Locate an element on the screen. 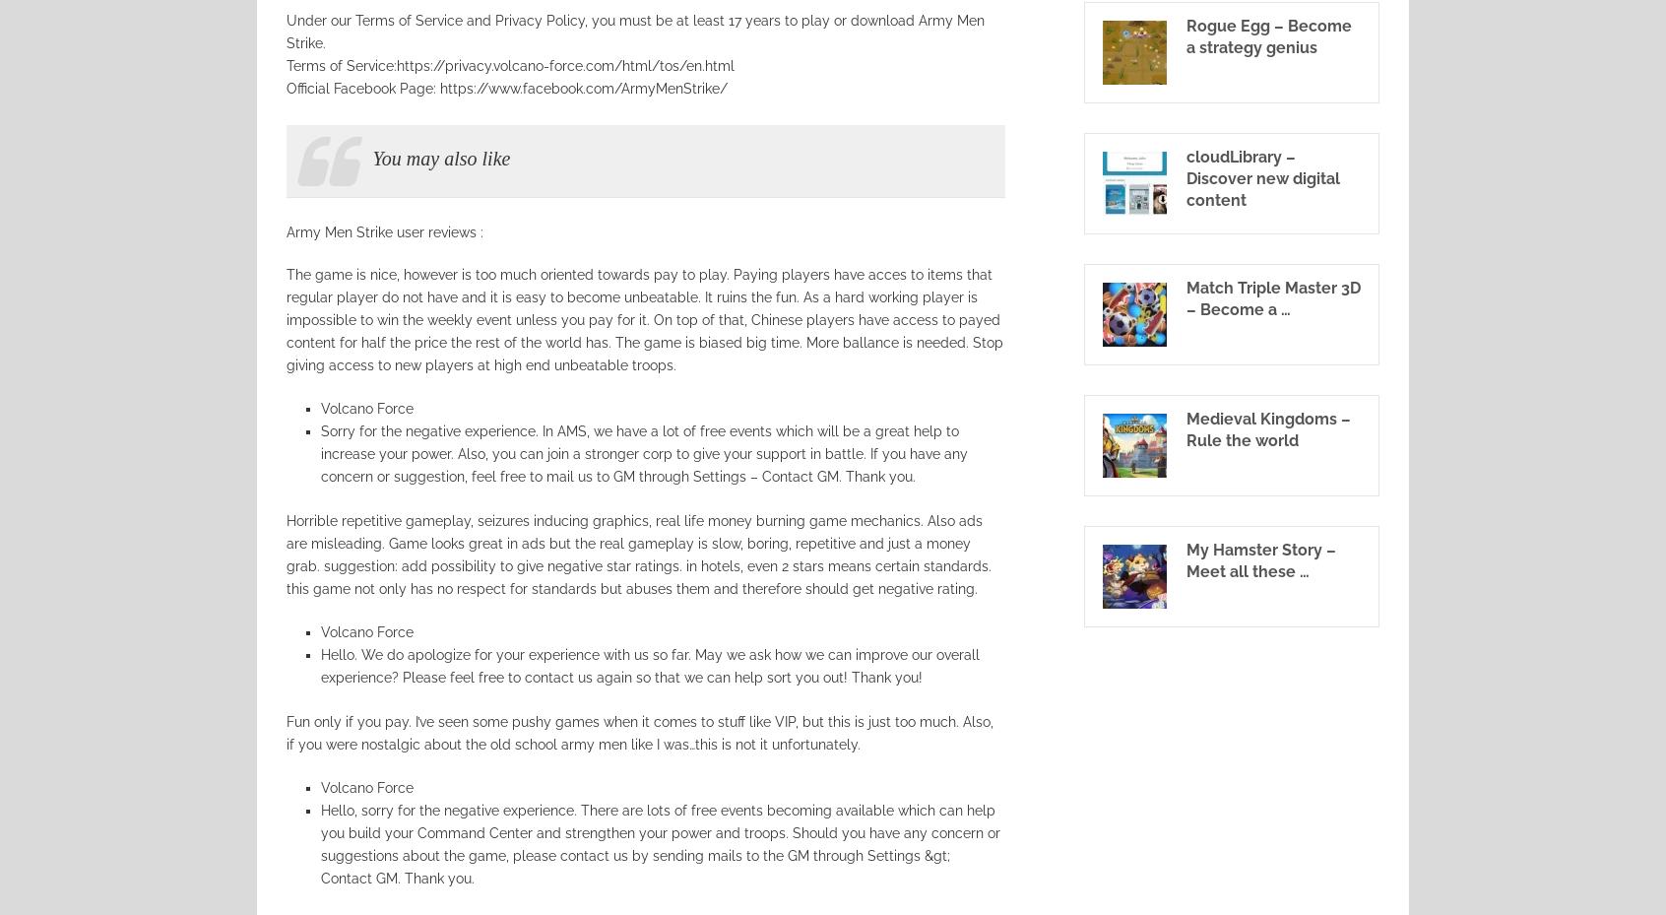 The image size is (1666, 915). 'Army Men Strike user reviews :' is located at coordinates (385, 230).